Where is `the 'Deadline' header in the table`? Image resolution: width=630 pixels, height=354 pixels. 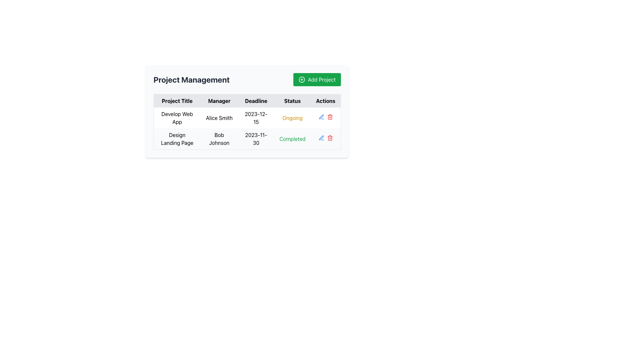 the 'Deadline' header in the table is located at coordinates (256, 101).